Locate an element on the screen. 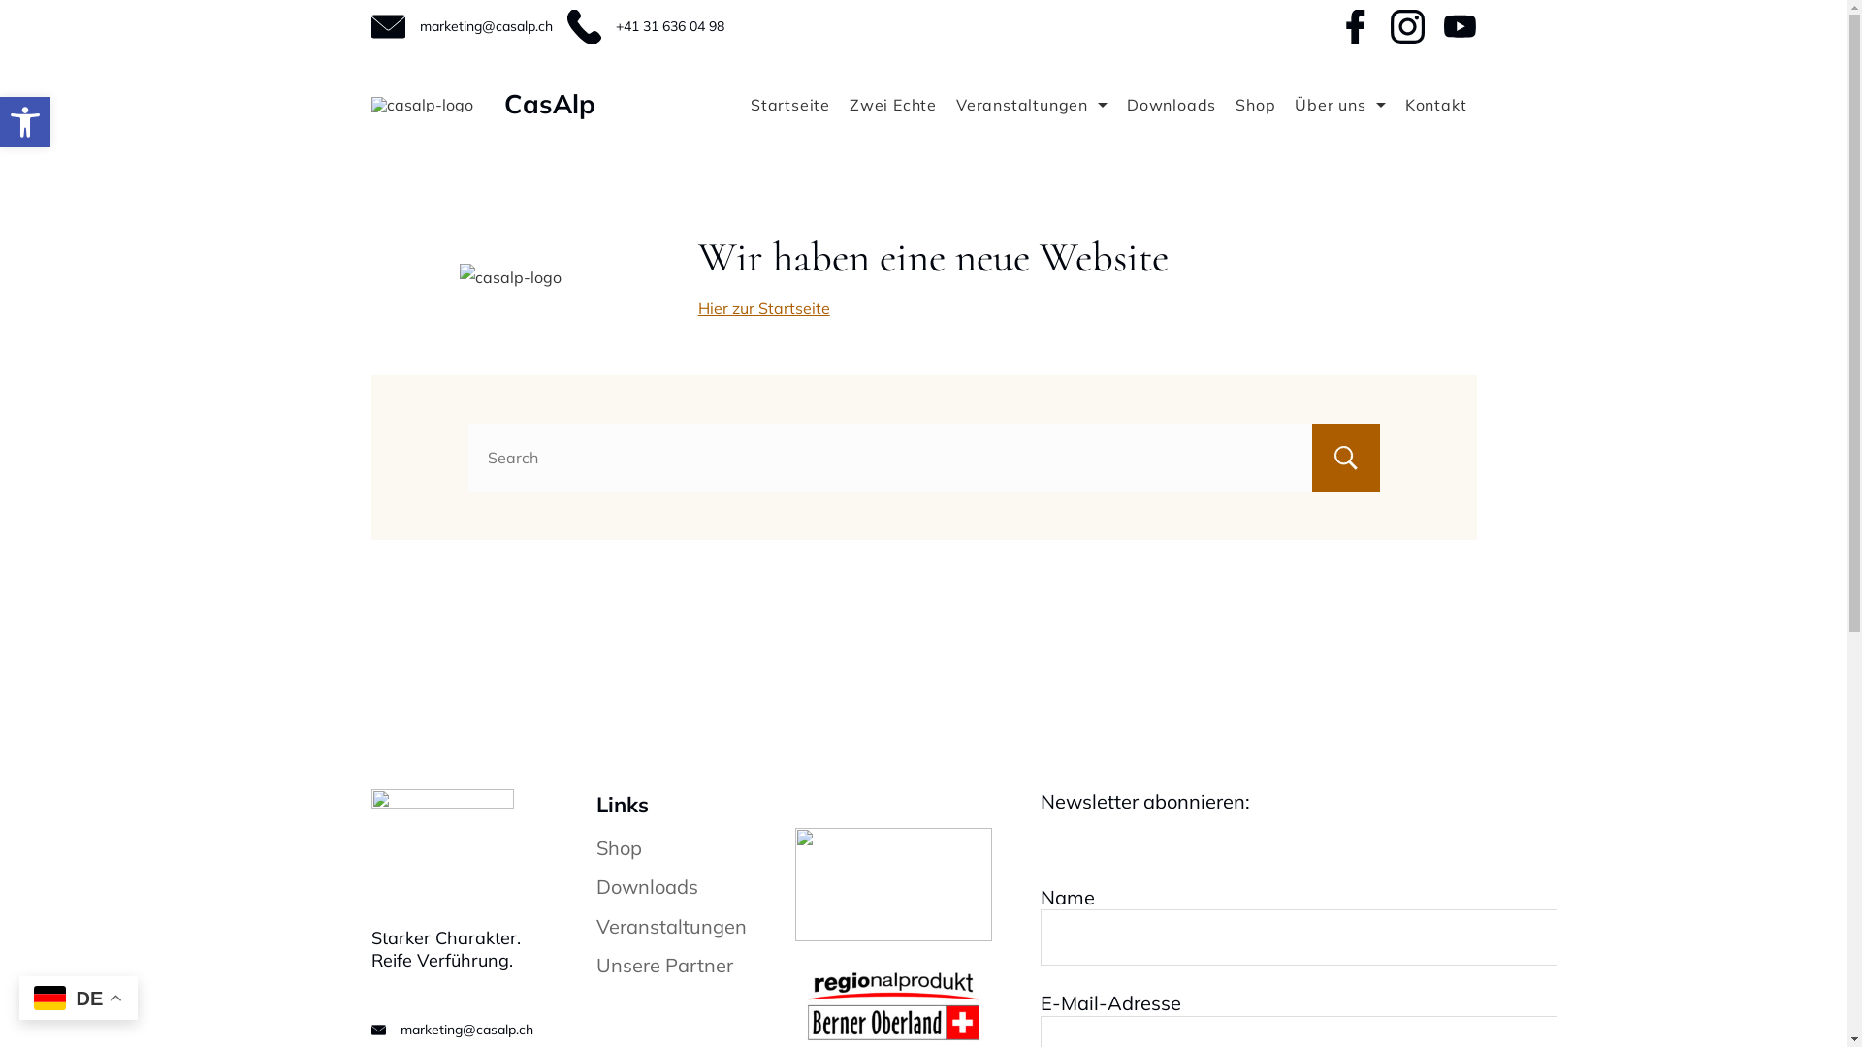 This screenshot has width=1862, height=1047. 'Hier zur Startseite' is located at coordinates (762, 306).